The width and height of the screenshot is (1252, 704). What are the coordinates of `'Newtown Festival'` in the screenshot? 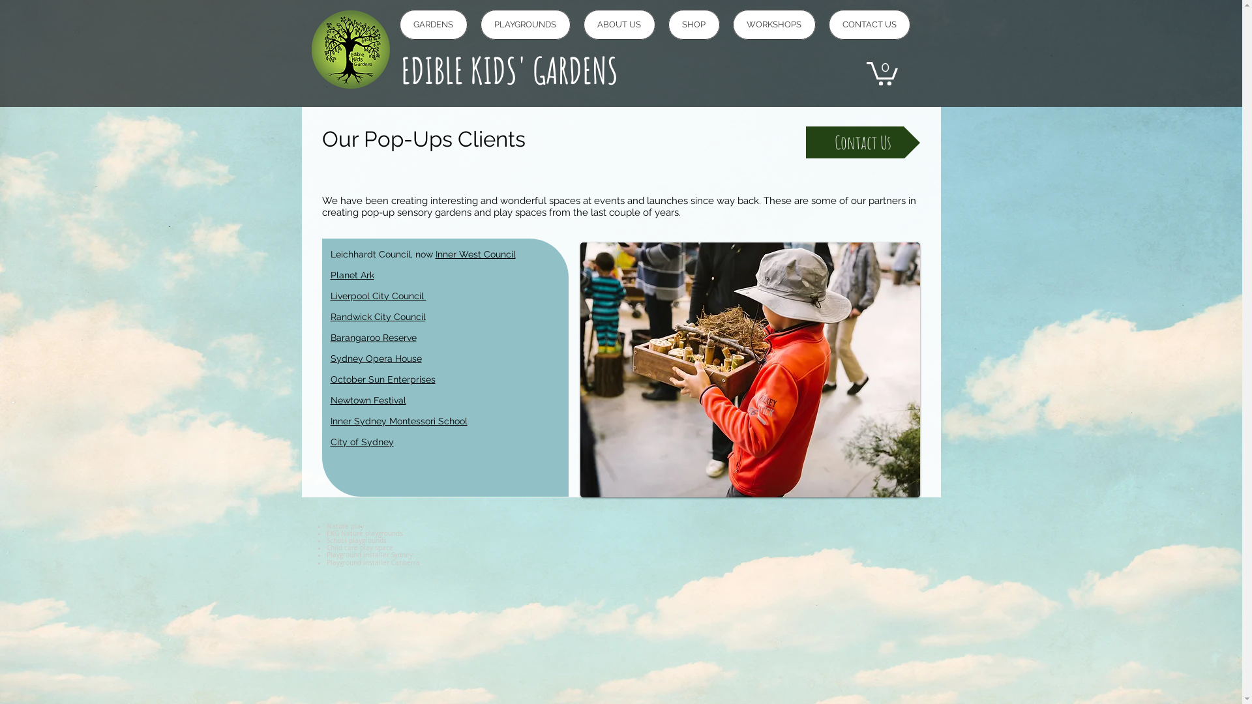 It's located at (367, 399).